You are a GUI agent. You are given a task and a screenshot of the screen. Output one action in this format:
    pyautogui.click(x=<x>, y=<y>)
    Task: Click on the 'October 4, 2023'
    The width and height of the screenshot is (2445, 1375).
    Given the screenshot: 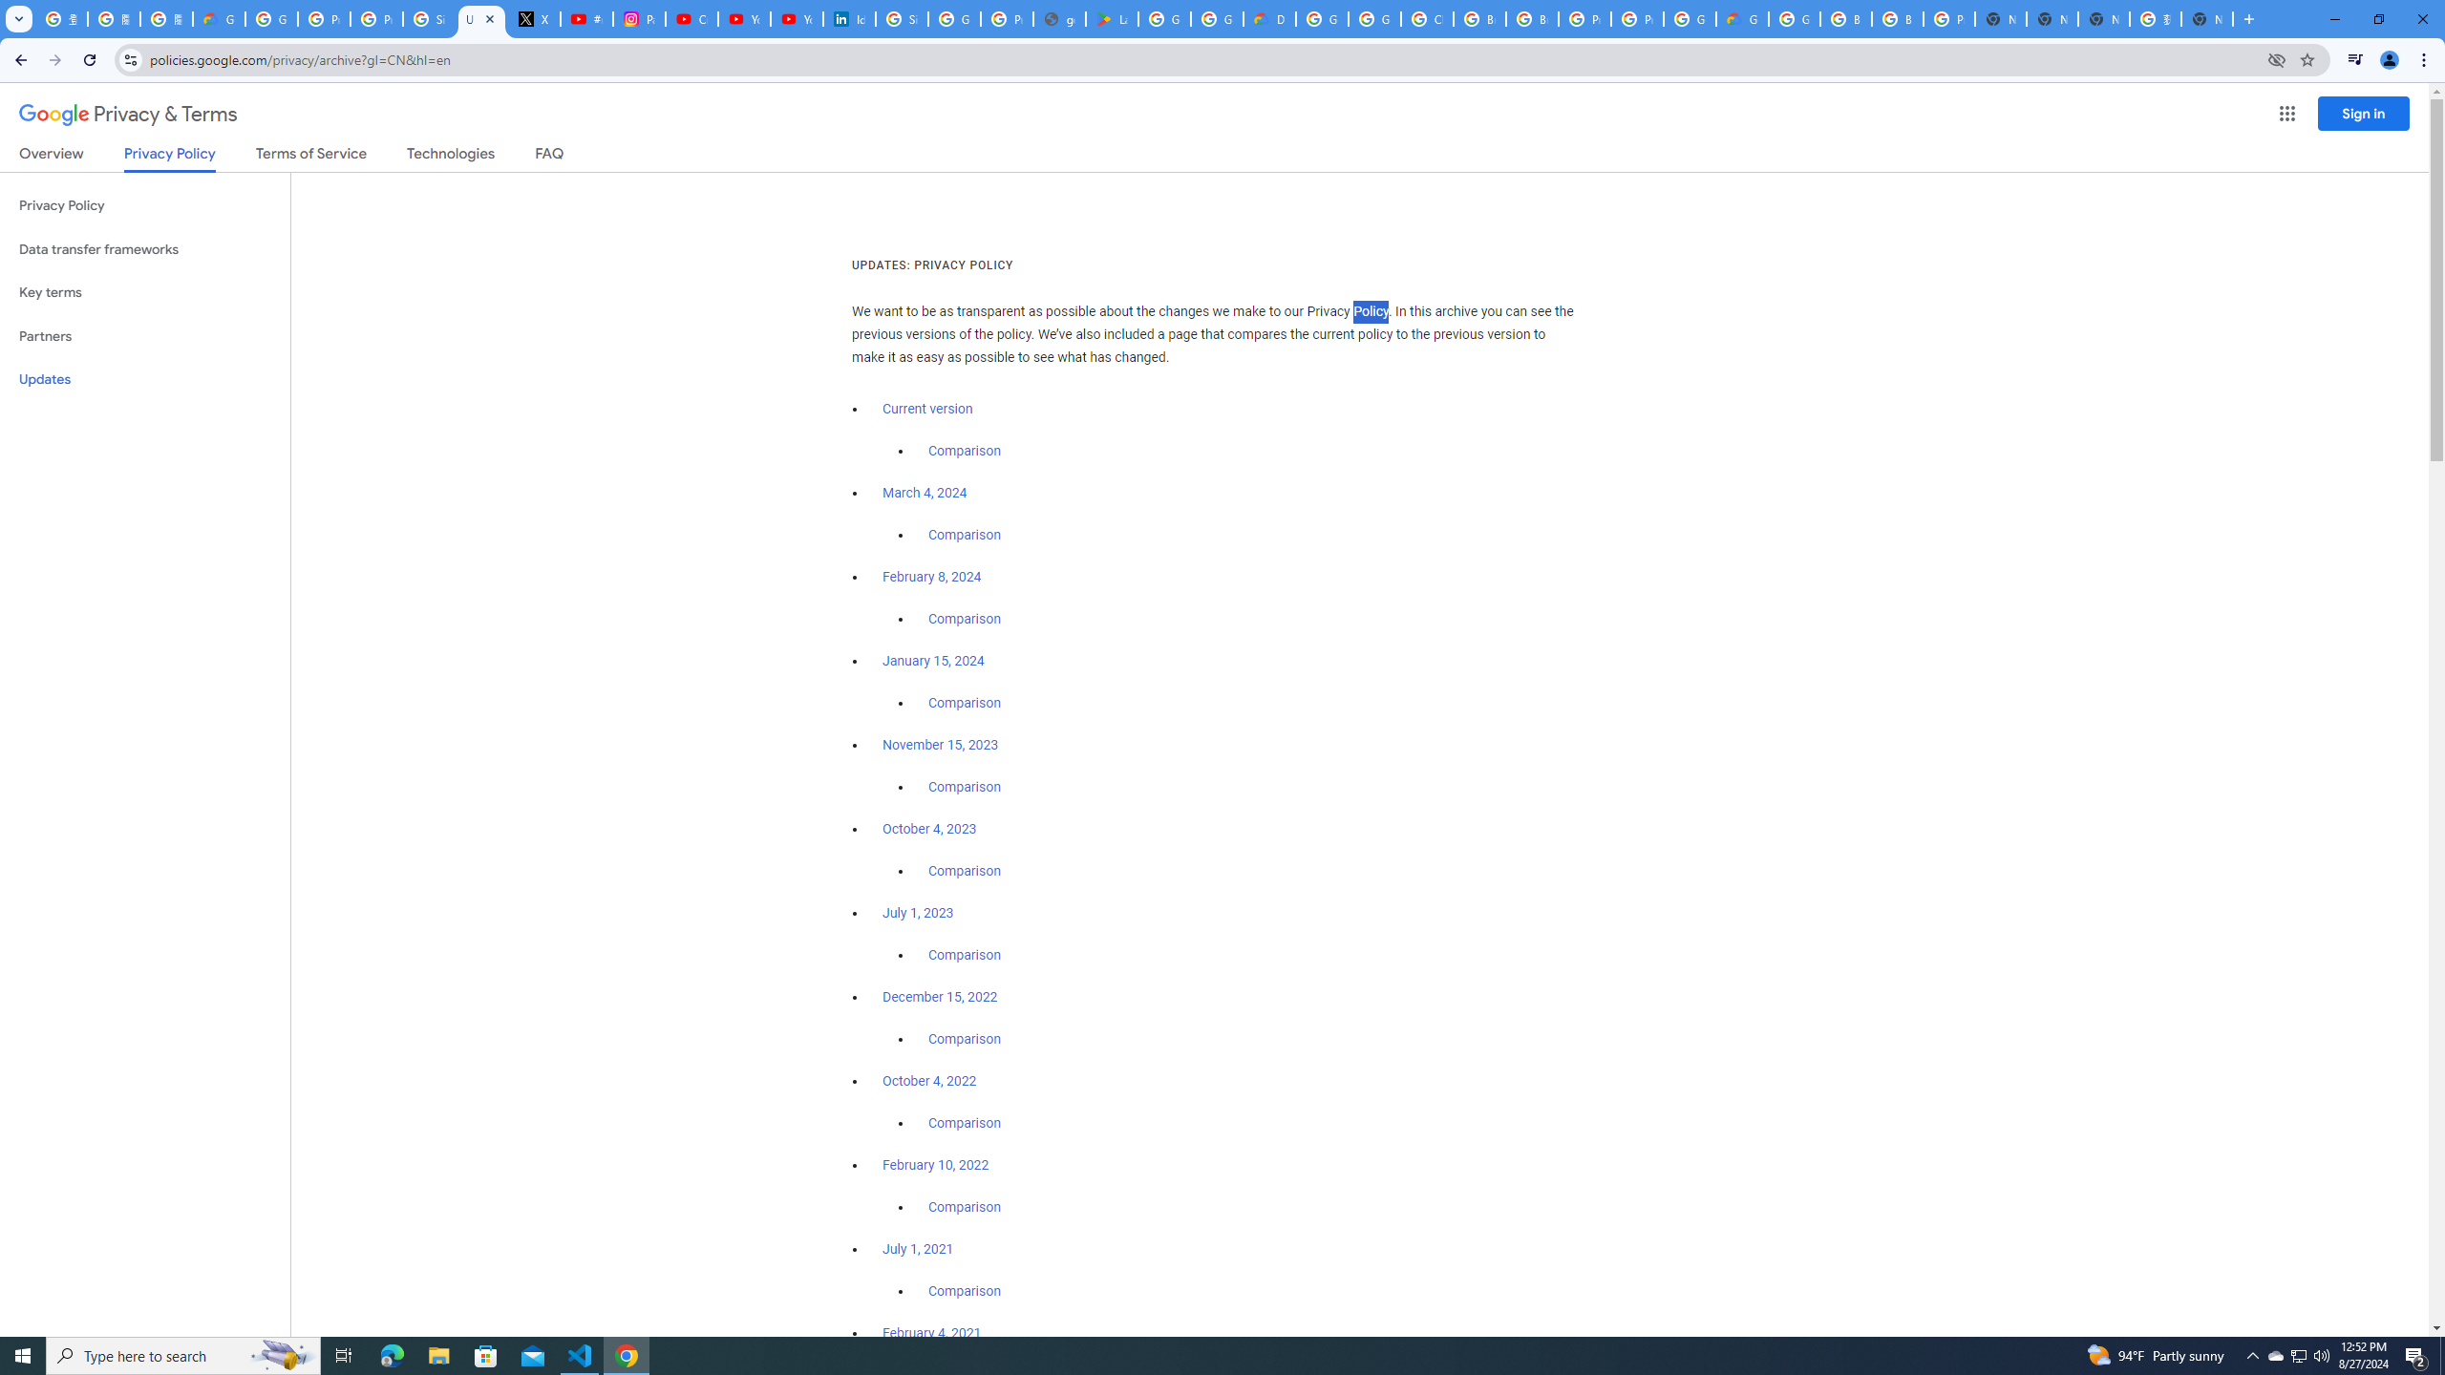 What is the action you would take?
    pyautogui.click(x=930, y=830)
    